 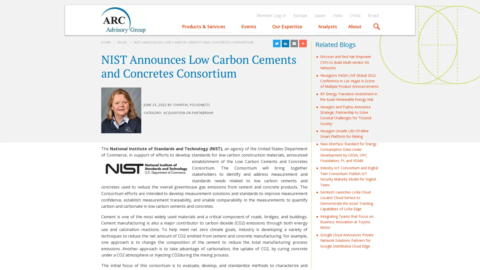 What do you see at coordinates (277, 43) in the screenshot?
I see `Share to Twitter` at bounding box center [277, 43].